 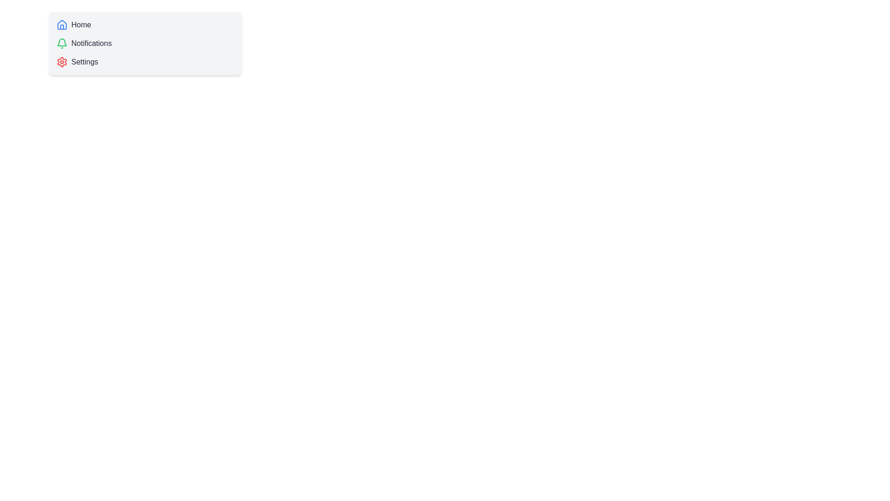 What do you see at coordinates (62, 25) in the screenshot?
I see `the 'Home' navigation icon located at the upper-left corner of the panel, which serves as the first element in the menu list` at bounding box center [62, 25].